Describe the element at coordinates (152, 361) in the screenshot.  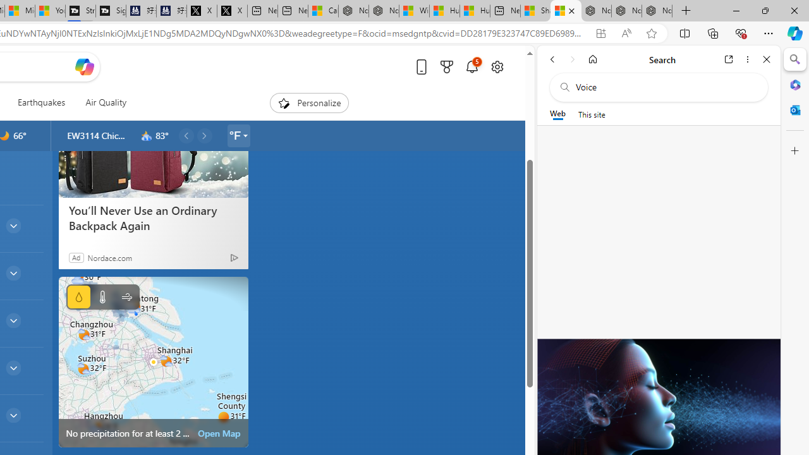
I see `'static map image of vector map'` at that location.